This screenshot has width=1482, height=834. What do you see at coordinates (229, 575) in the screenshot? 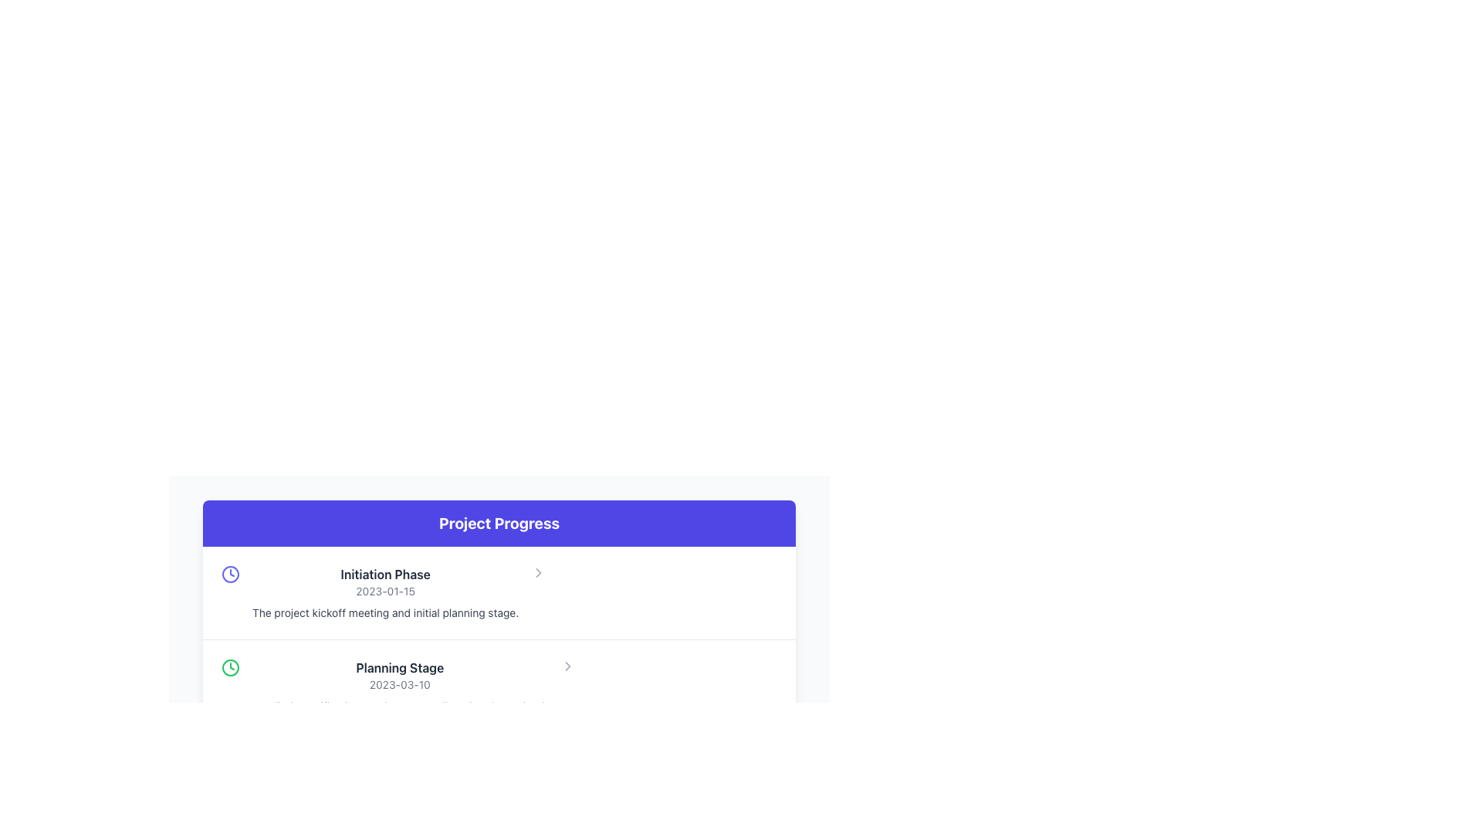
I see `the icon that represents the 'Initiation Phase' in the 'Project Progress' section, located in the first row next to the date '2023-01-15'` at bounding box center [229, 575].